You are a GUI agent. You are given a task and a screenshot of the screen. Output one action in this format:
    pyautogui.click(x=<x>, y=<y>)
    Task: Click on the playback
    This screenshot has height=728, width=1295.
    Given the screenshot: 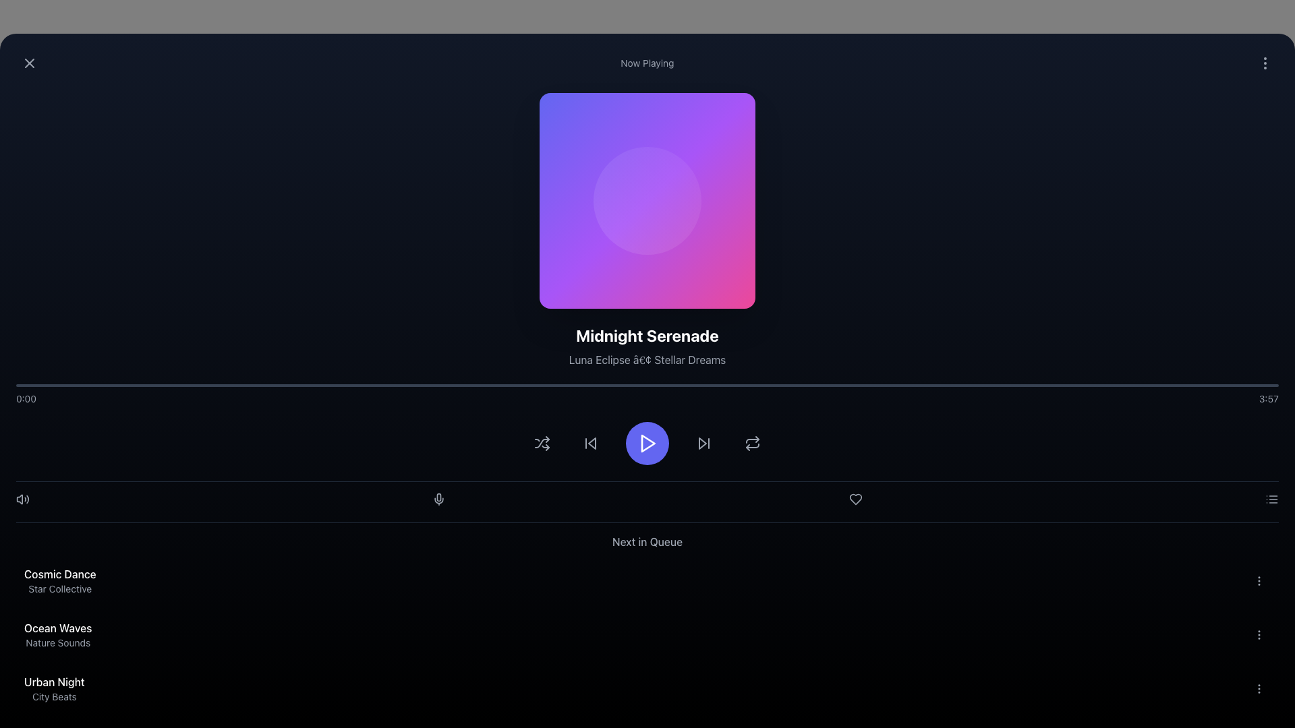 What is the action you would take?
    pyautogui.click(x=1054, y=385)
    